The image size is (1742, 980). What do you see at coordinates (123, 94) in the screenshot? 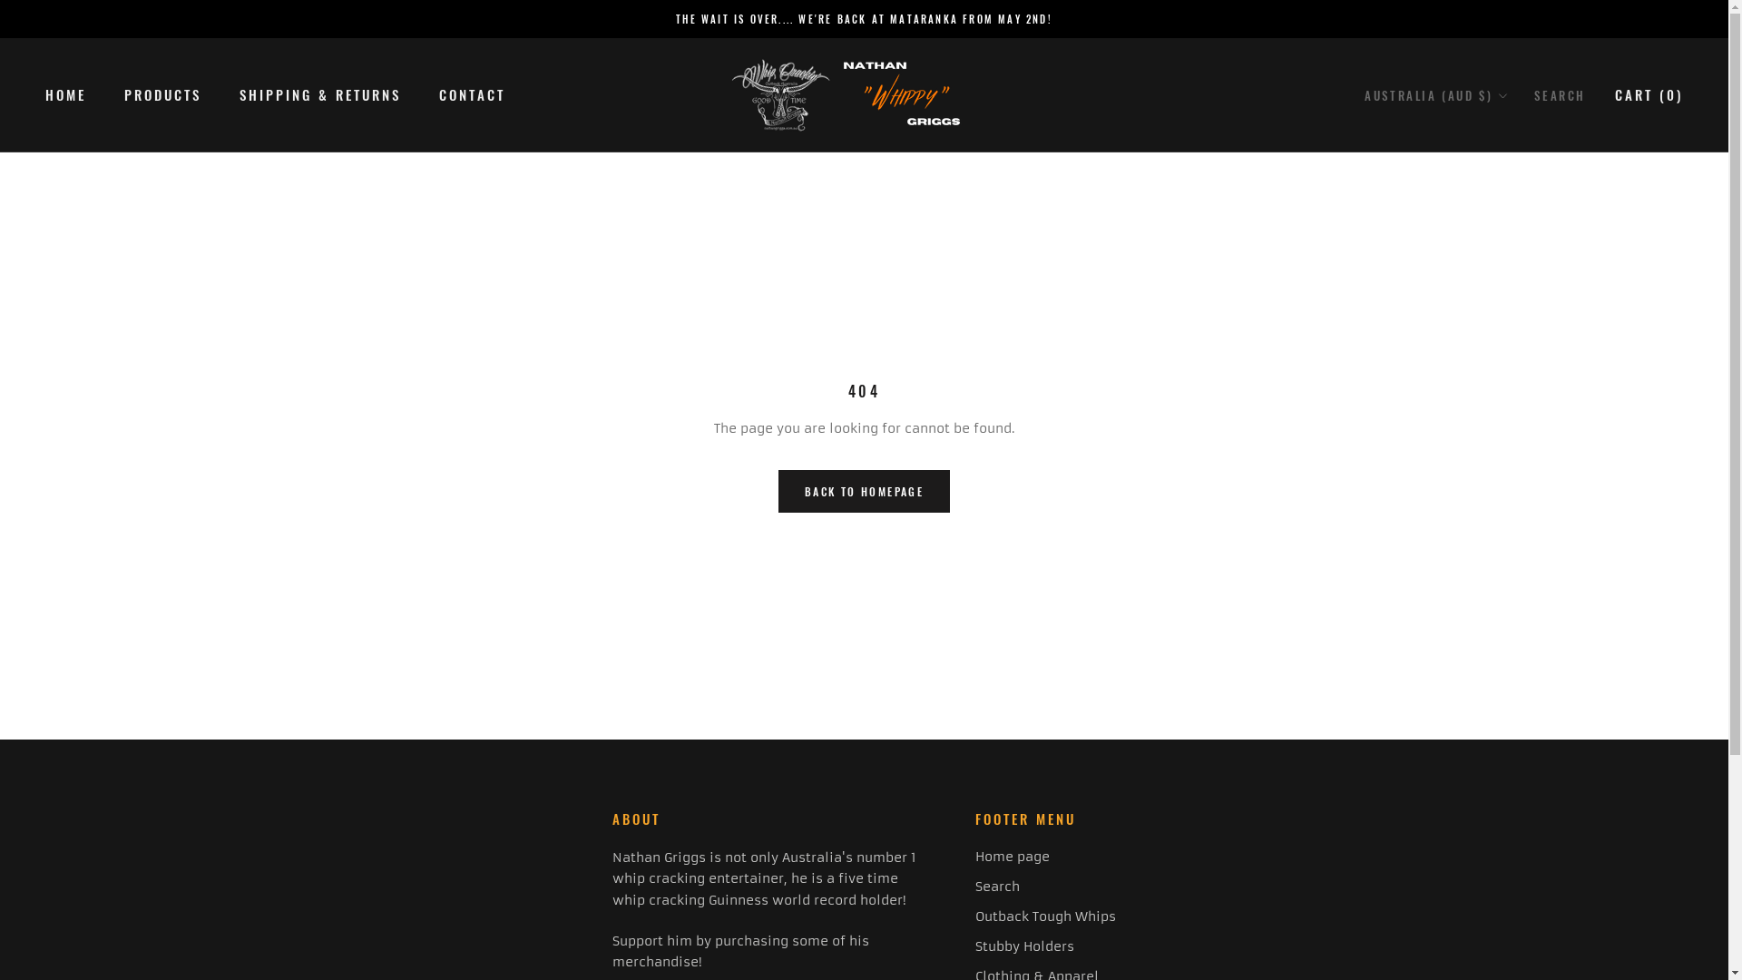
I see `'PRODUCTS'` at bounding box center [123, 94].